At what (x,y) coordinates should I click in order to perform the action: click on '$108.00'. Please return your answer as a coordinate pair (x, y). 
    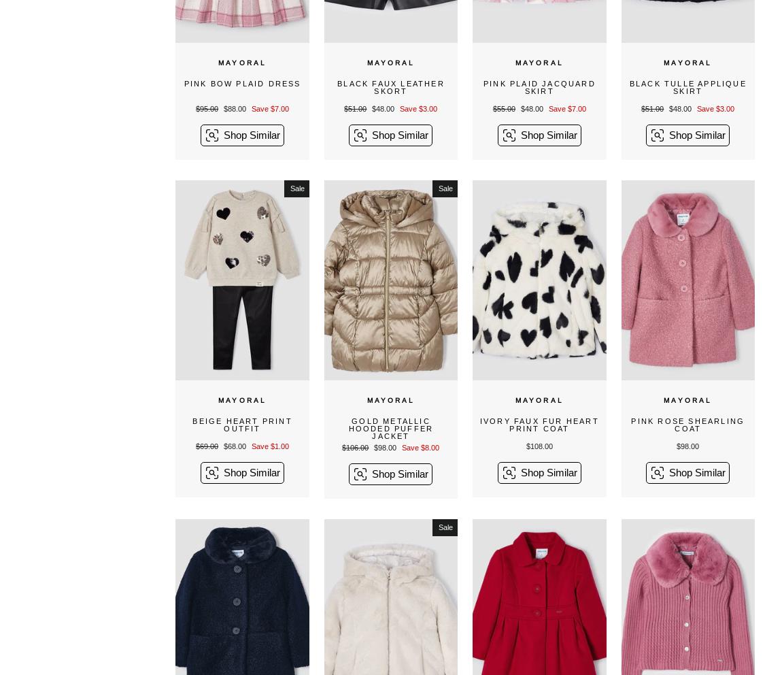
    Looking at the image, I should click on (525, 446).